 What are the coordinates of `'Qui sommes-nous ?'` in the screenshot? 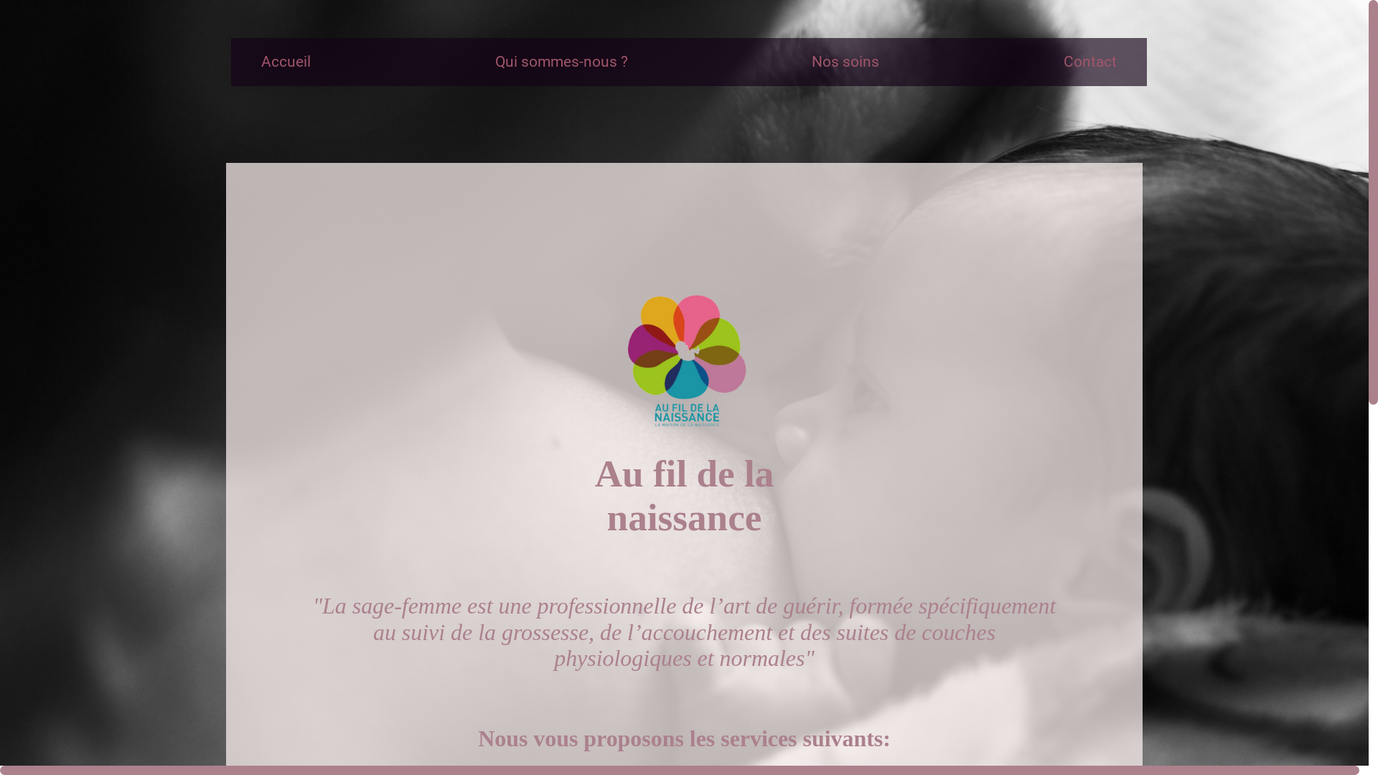 It's located at (561, 60).